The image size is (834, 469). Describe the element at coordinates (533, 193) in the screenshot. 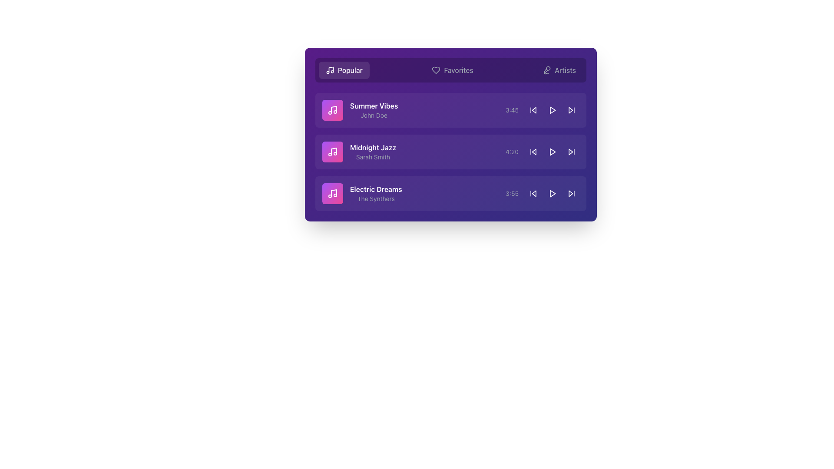

I see `the 'previous track' button, which is the first button in the group of three interactive elements to the right of the song details row, located to the left of the play button, associated with the 'Electric Dreams' song` at that location.